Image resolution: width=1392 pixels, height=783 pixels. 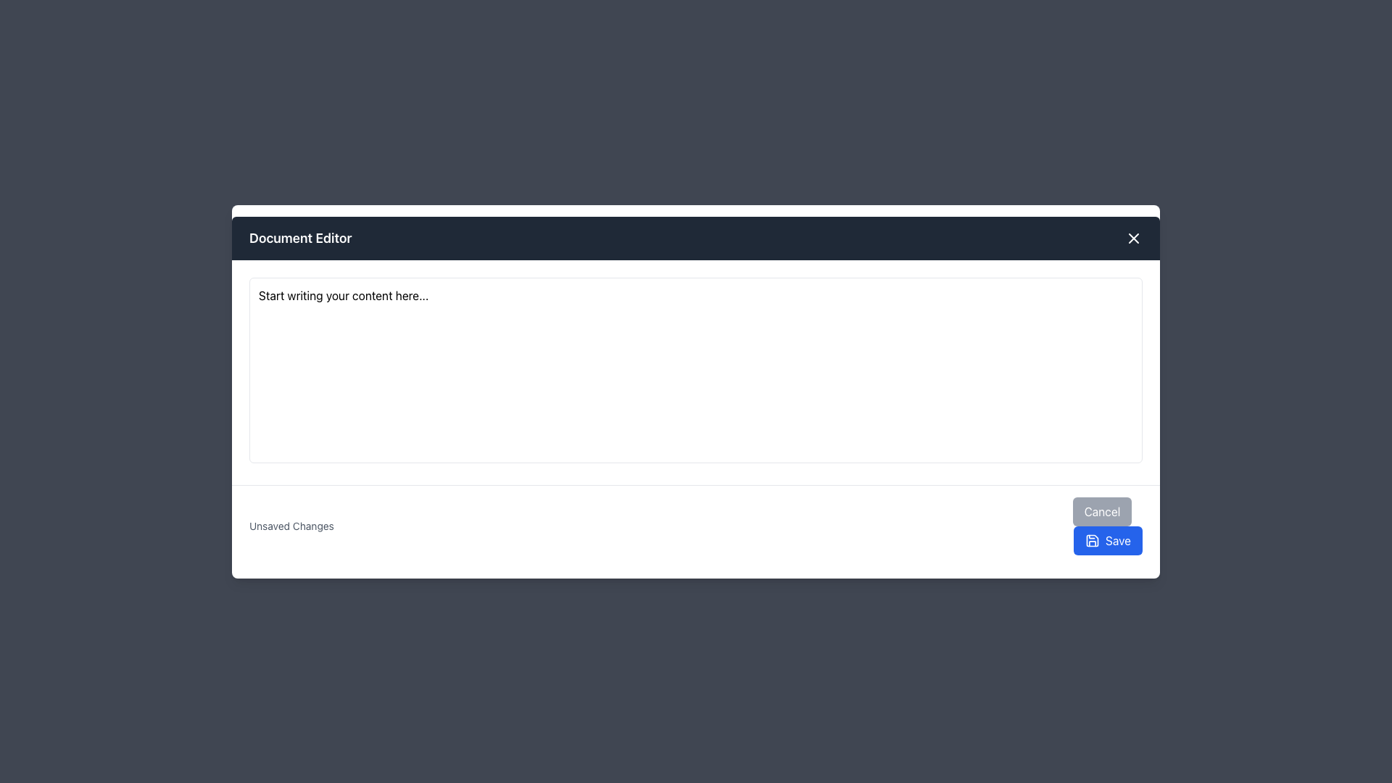 I want to click on the 'Save' button in the bottom-right corner of the modal interface to confirm changes, so click(x=1102, y=526).